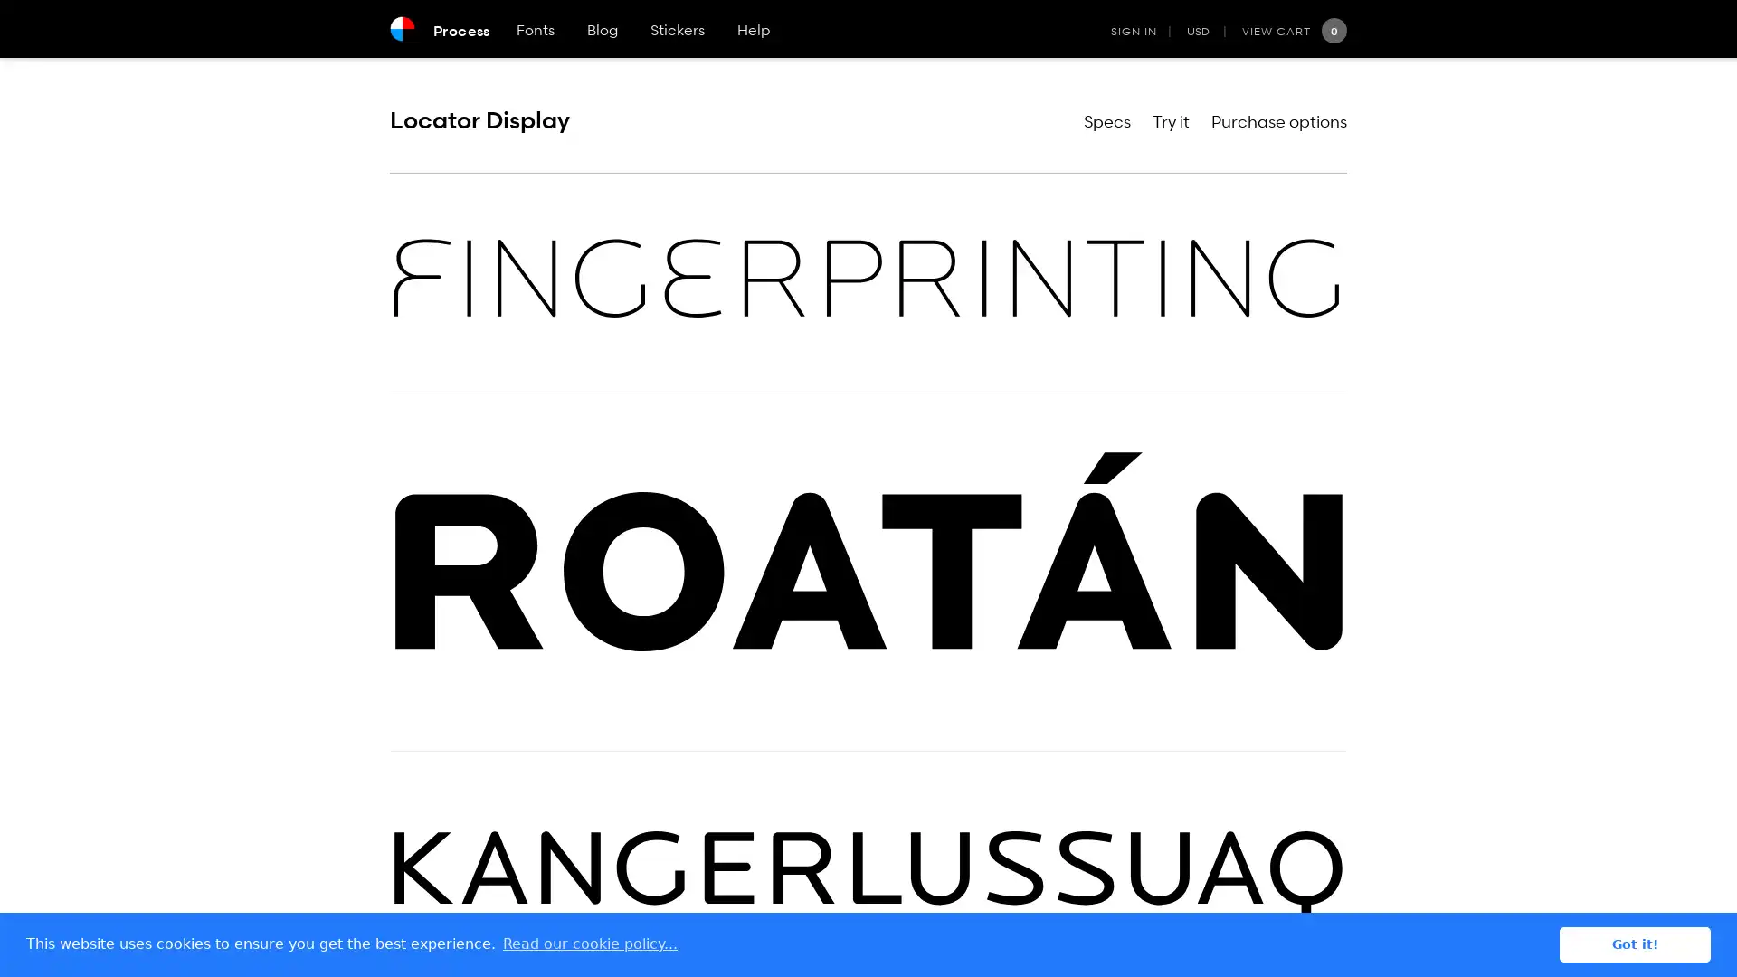  Describe the element at coordinates (590, 944) in the screenshot. I see `learn more about cookies` at that location.